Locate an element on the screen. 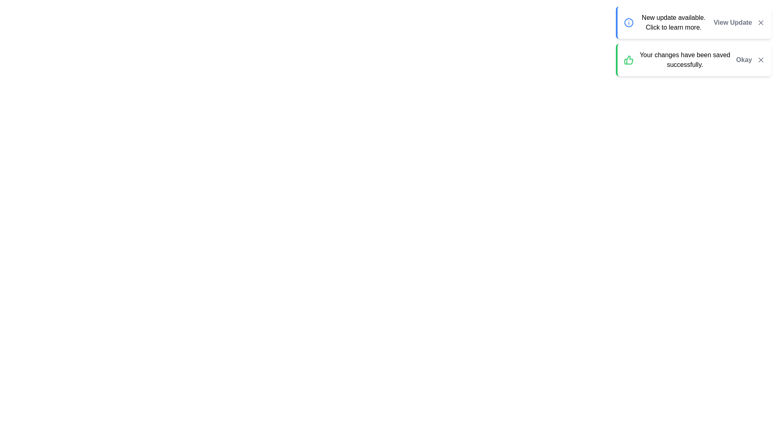  the static text stating 'New update available. Click to learn more.' which is positioned in the top right area of the interface within a notification card is located at coordinates (673, 22).